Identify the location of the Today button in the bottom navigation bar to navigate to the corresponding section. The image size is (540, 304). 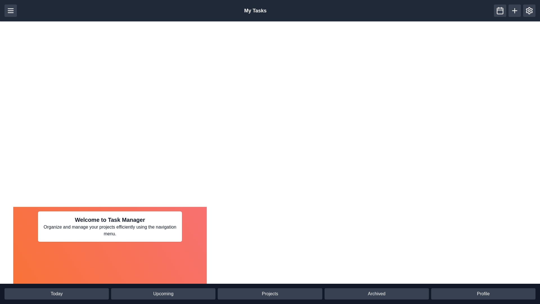
(57, 294).